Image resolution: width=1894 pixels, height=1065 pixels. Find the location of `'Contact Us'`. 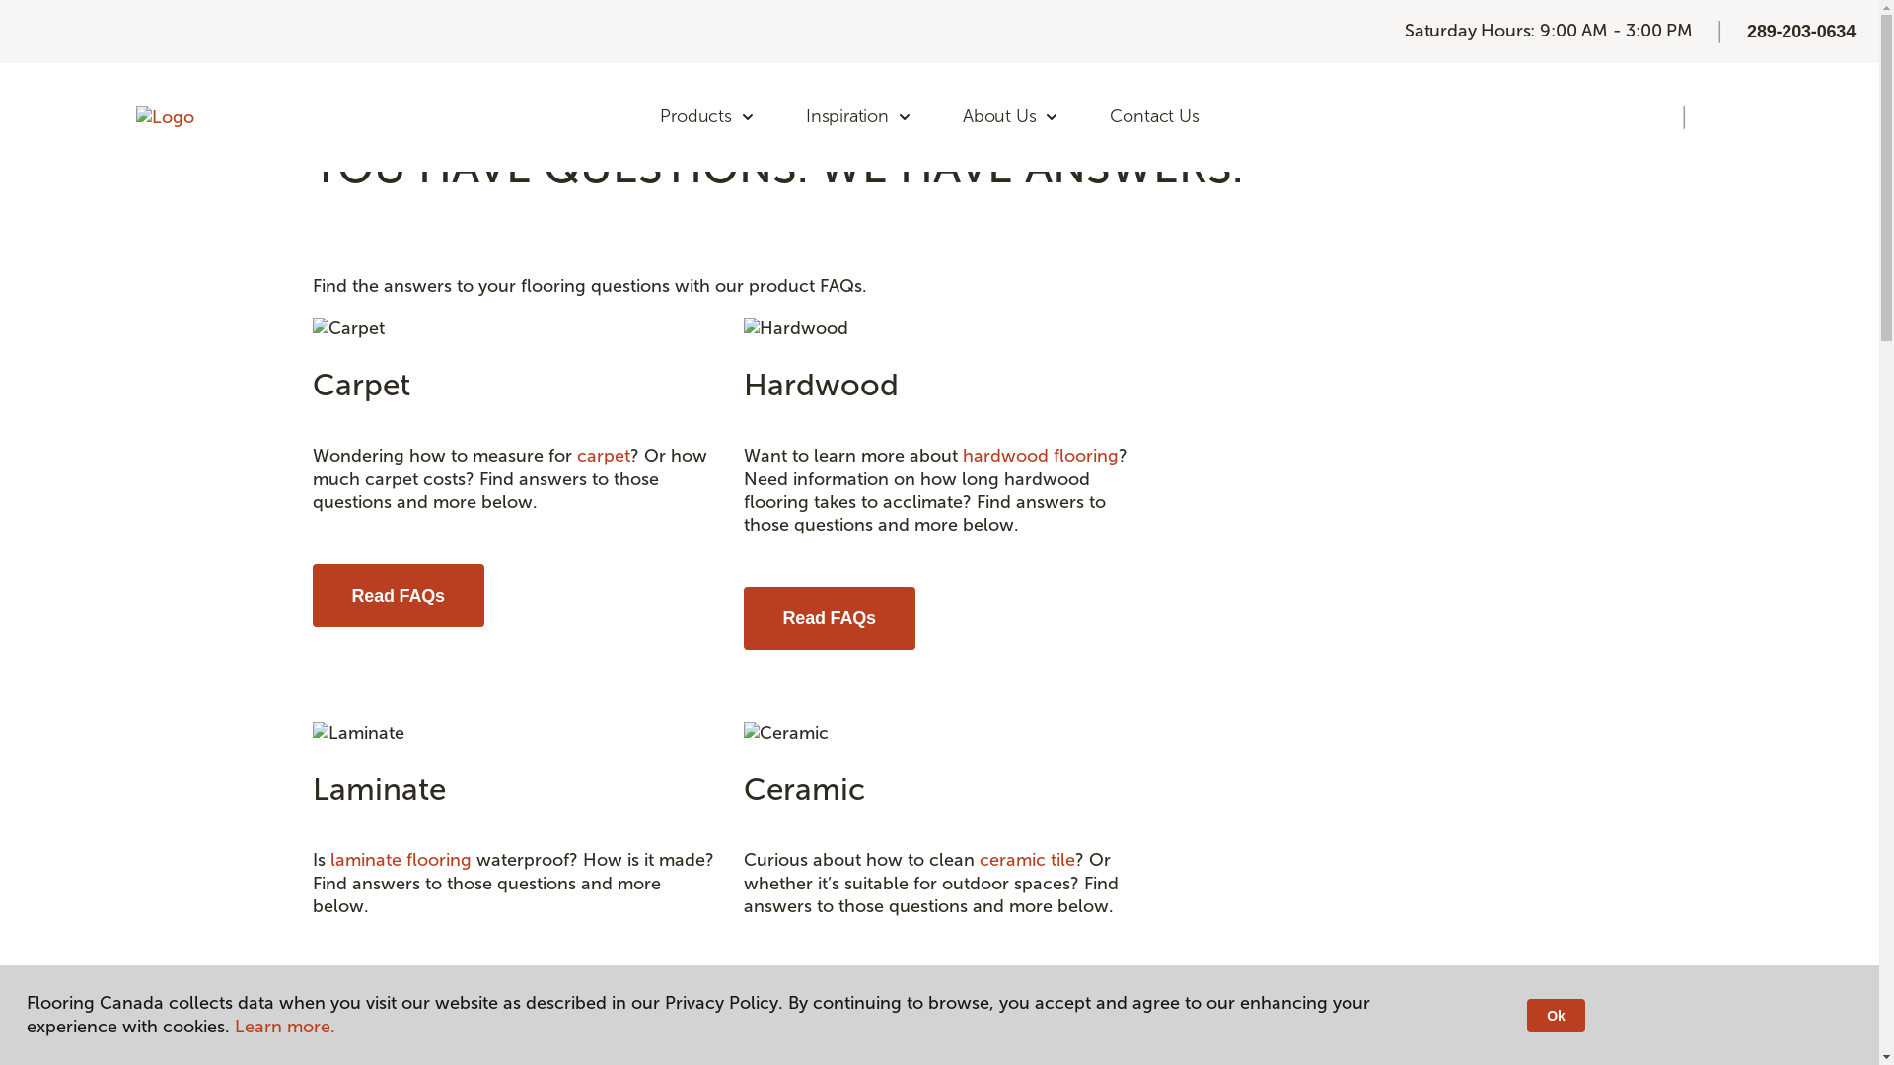

'Contact Us' is located at coordinates (1154, 117).